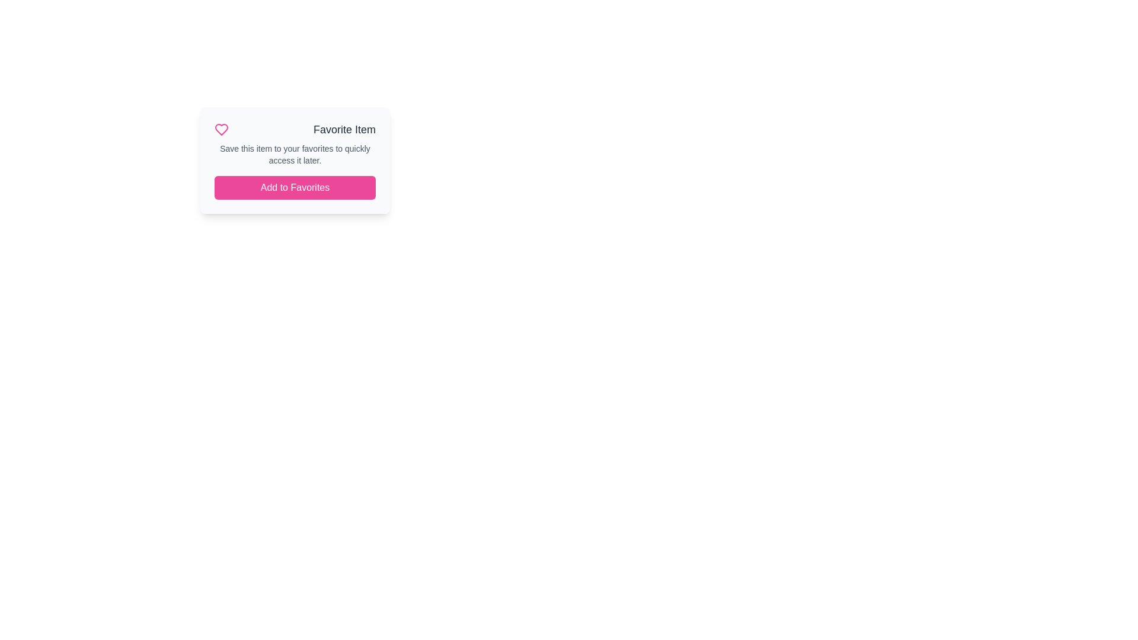 The image size is (1138, 640). I want to click on the state of the heart-shaped icon with a pink outline located near the text 'Favorite Item' to determine if it indicates a favoriting status, so click(222, 130).